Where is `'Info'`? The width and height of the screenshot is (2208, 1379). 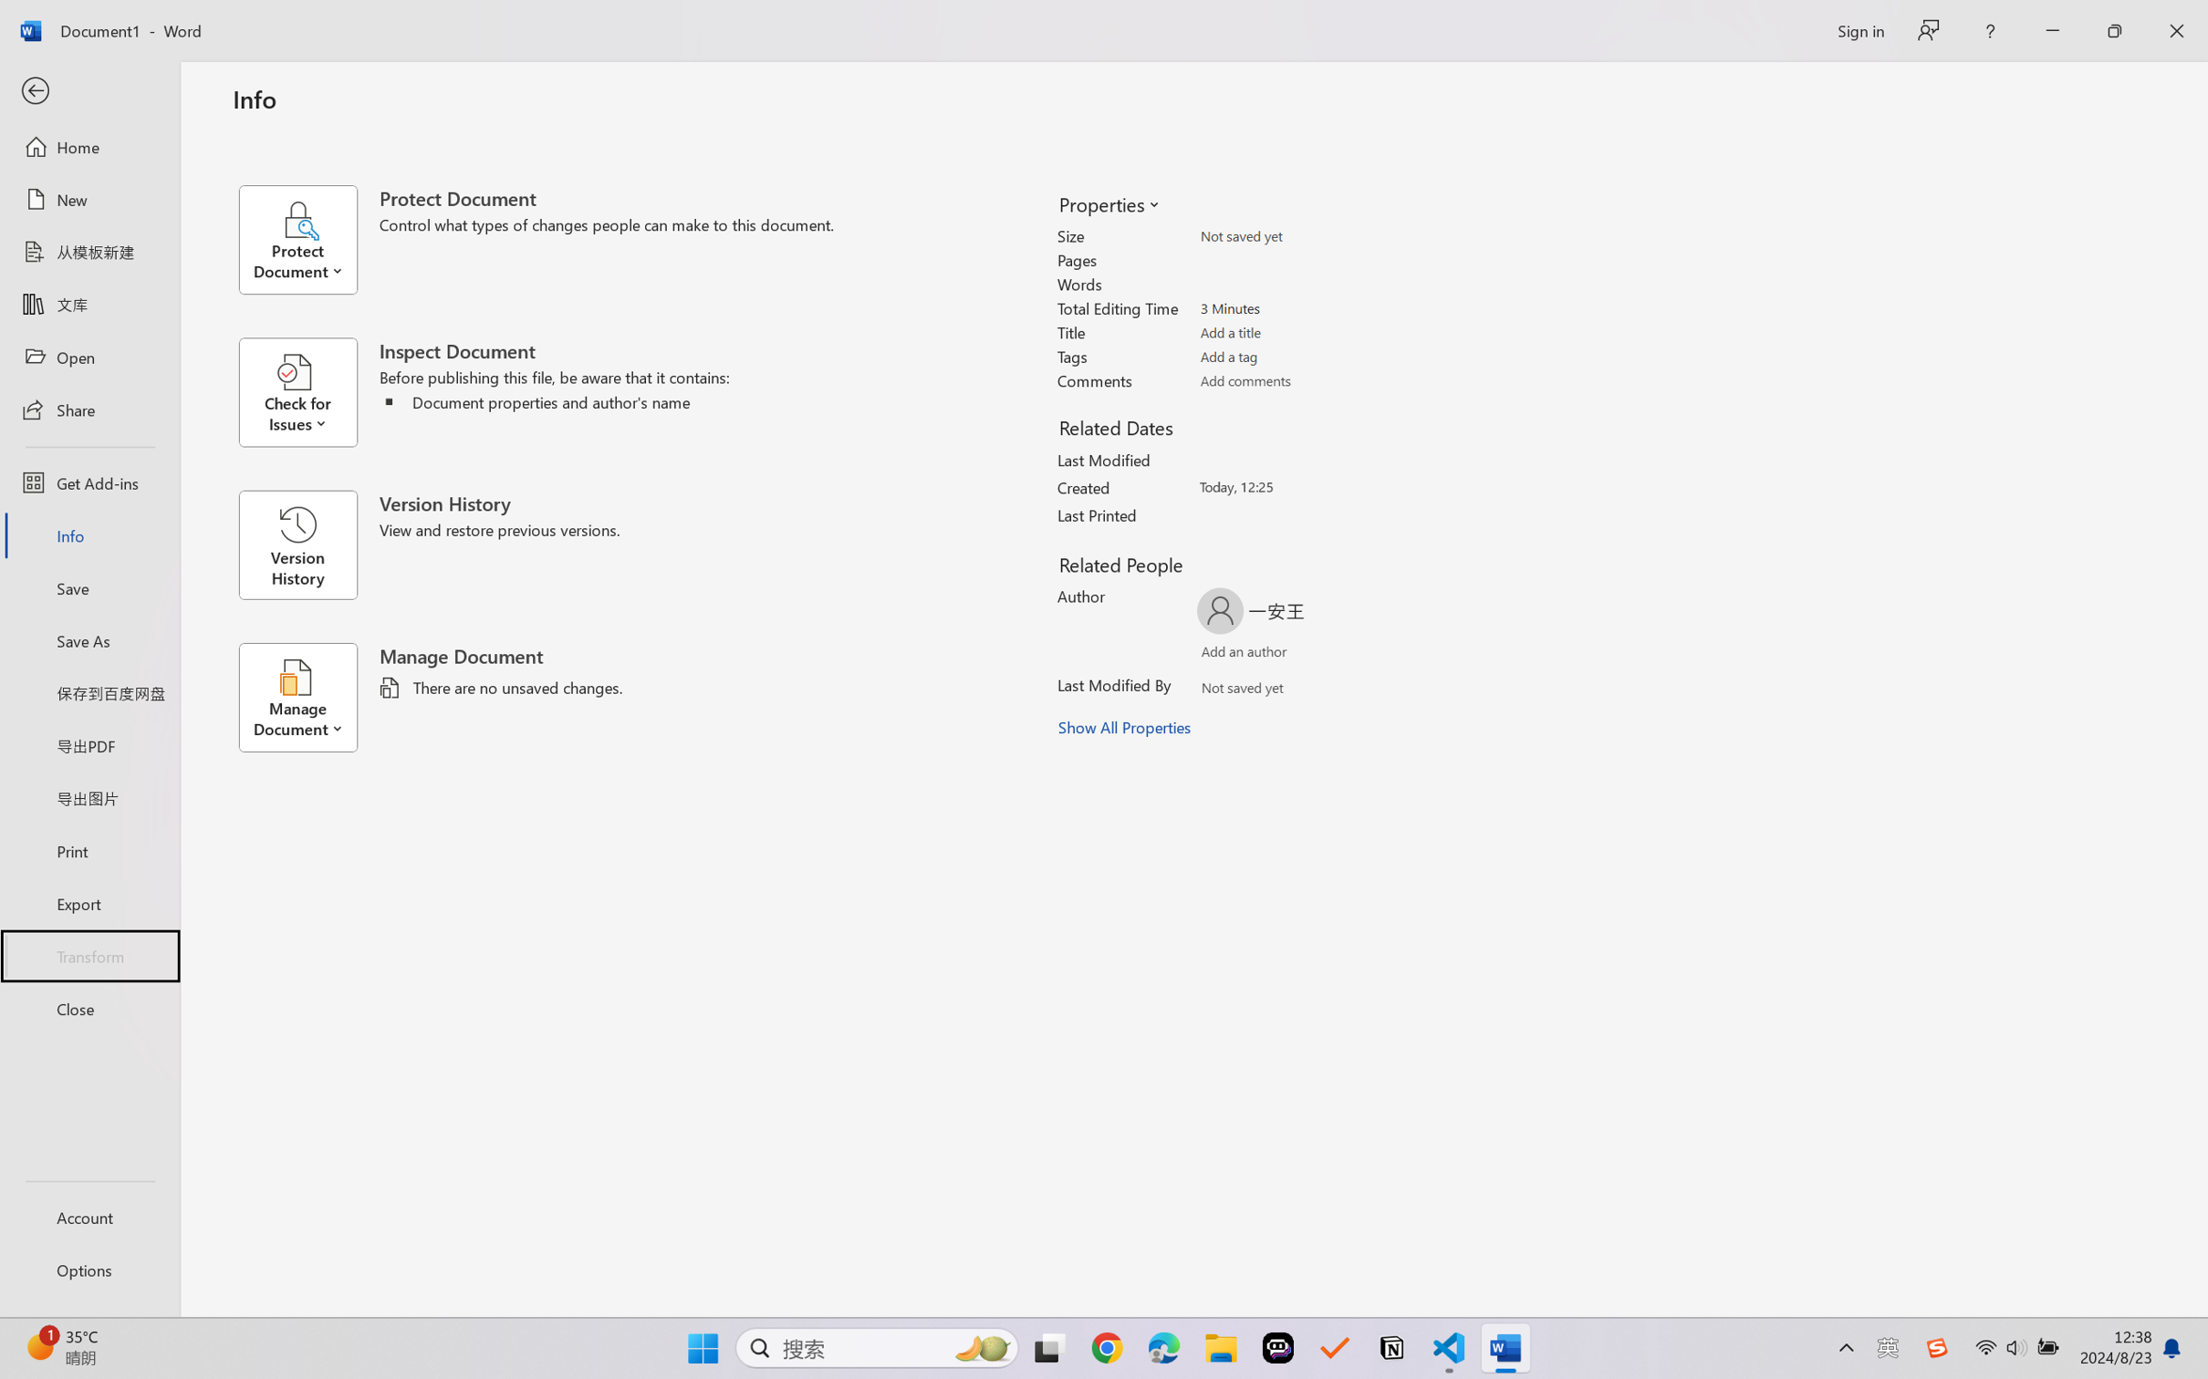 'Info' is located at coordinates (89, 534).